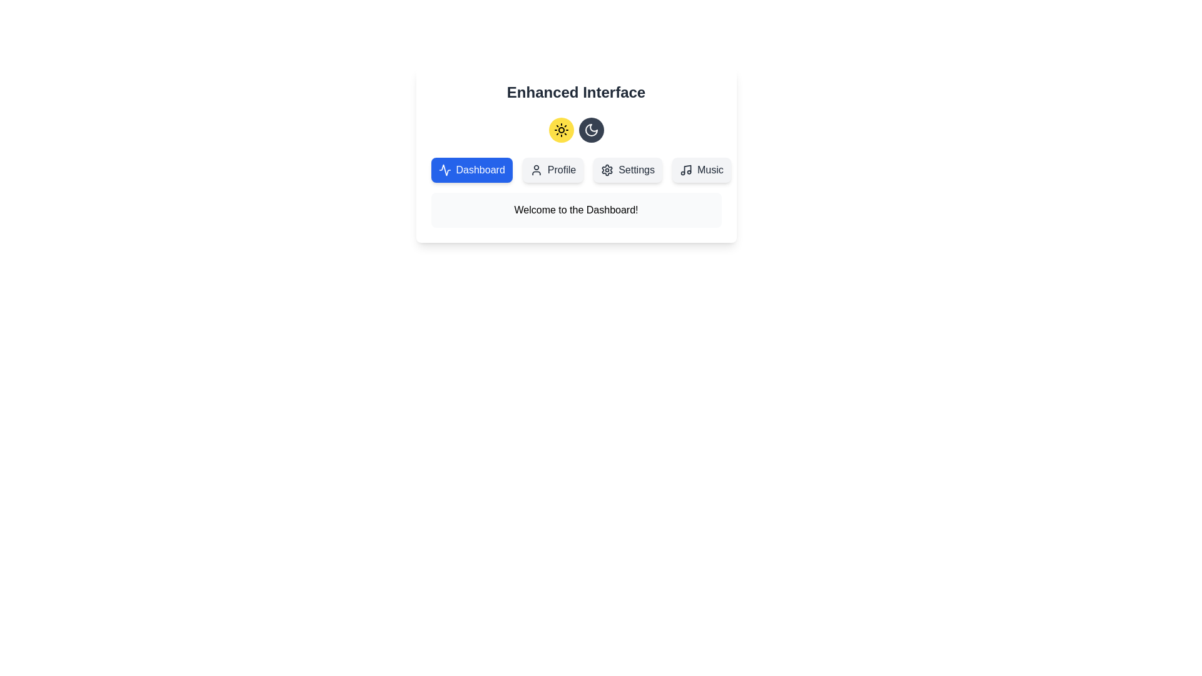  What do you see at coordinates (590, 130) in the screenshot?
I see `the crescent moon icon button at the top center of the interface to switch the theme to dark mode` at bounding box center [590, 130].